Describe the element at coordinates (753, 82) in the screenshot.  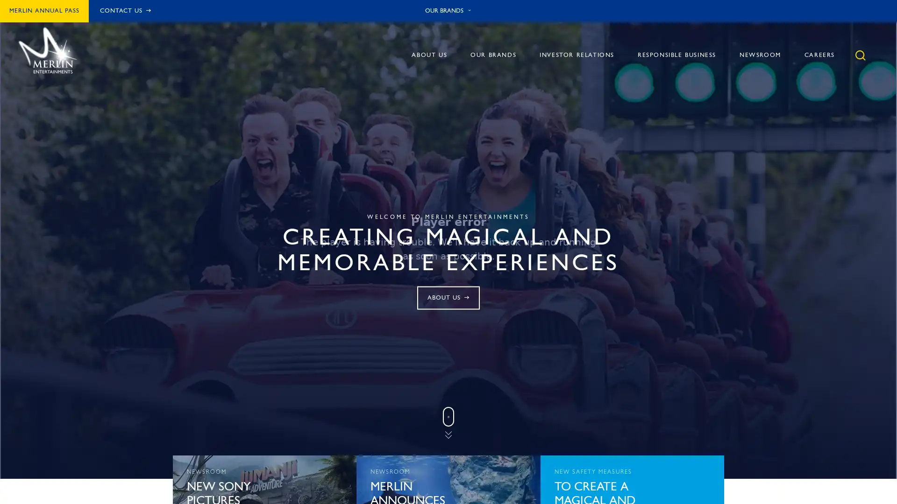
I see `Back` at that location.